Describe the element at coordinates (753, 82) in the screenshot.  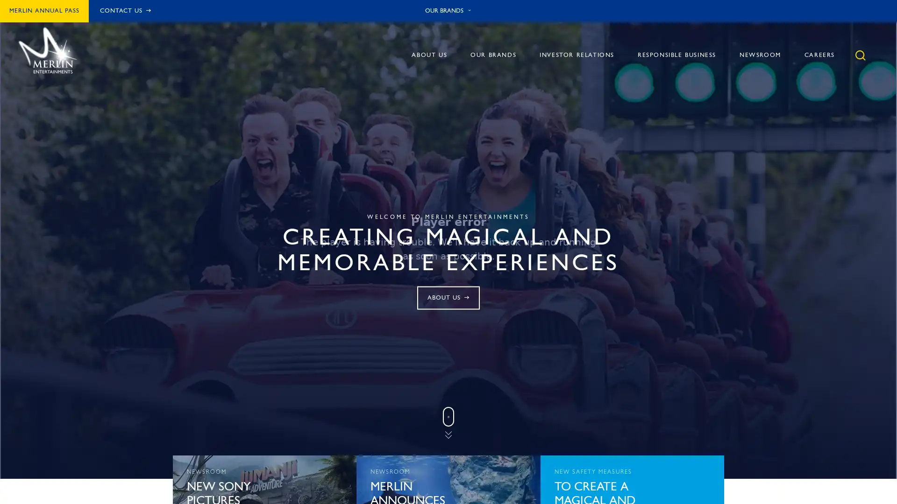
I see `Back` at that location.